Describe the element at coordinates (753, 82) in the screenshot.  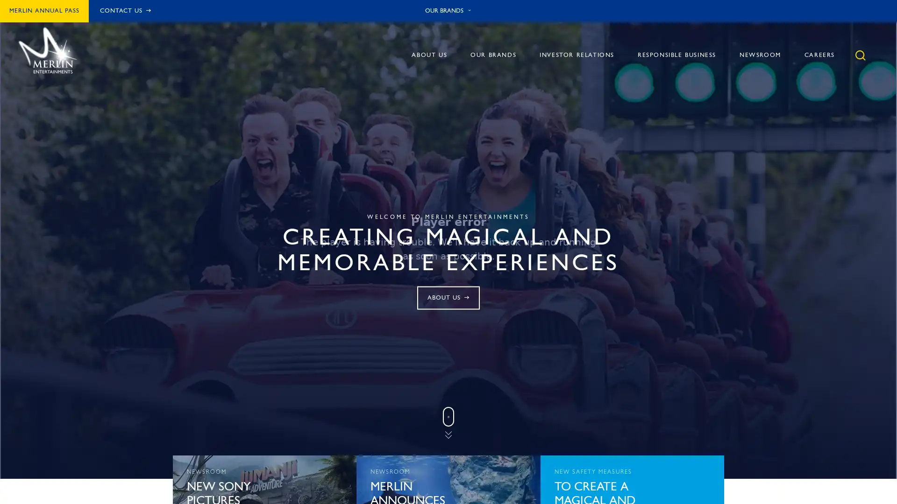
I see `Back` at that location.